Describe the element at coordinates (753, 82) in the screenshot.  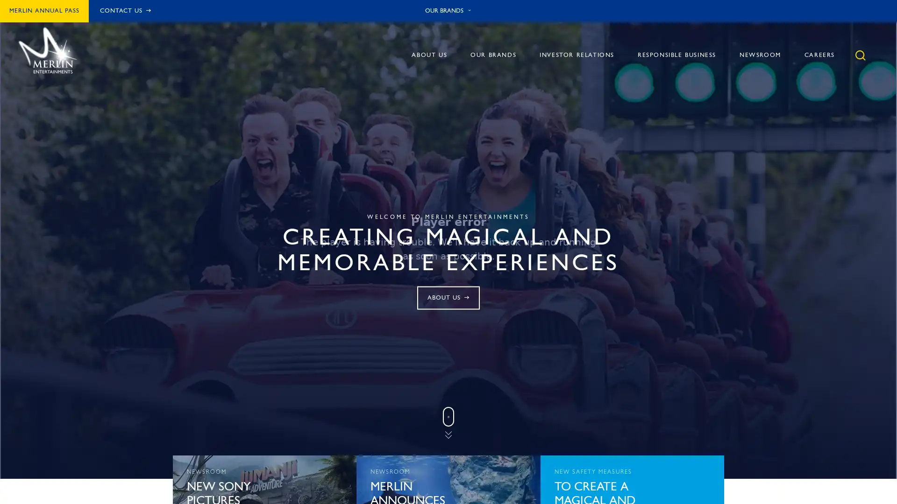
I see `Back` at that location.